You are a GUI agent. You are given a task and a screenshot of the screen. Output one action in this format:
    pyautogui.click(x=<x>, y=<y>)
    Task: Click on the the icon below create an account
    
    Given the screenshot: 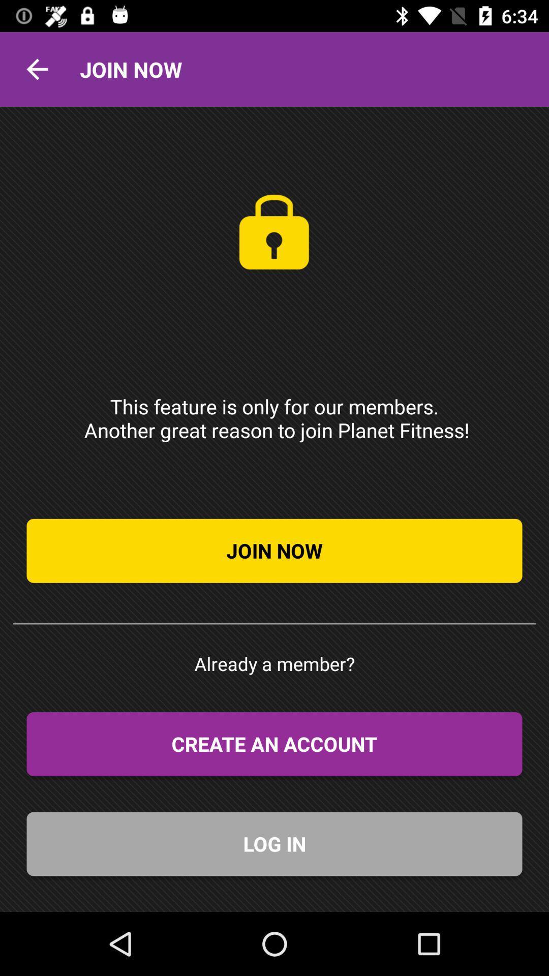 What is the action you would take?
    pyautogui.click(x=274, y=844)
    